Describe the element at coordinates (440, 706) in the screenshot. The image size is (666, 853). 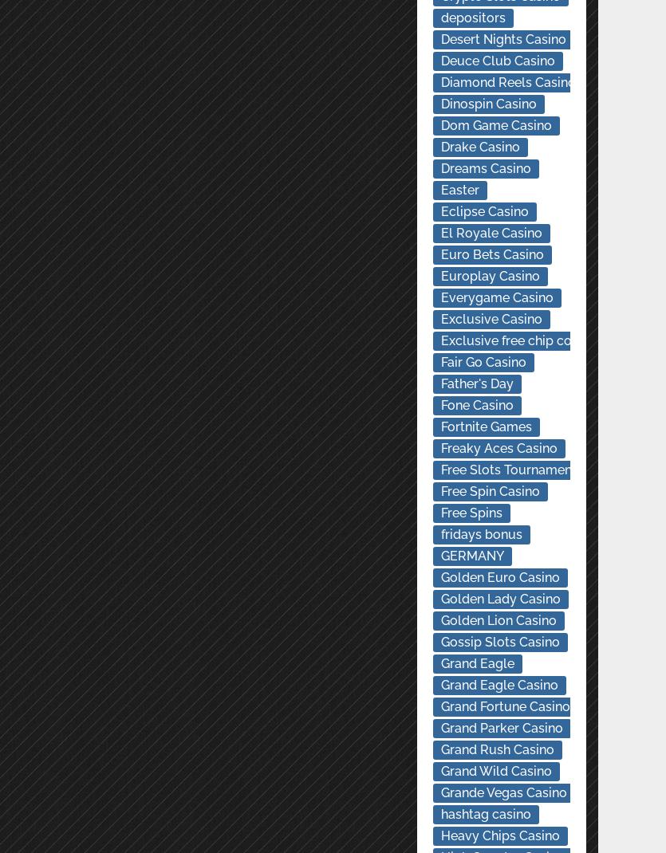
I see `'Grand Fortune Casino'` at that location.